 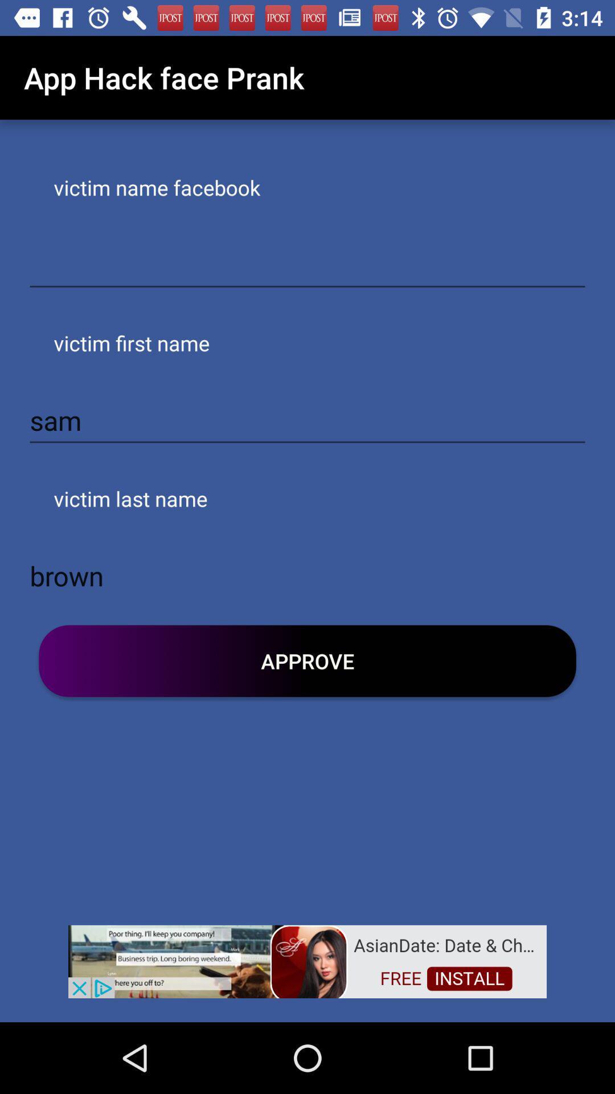 What do you see at coordinates (307, 960) in the screenshot?
I see `advertisement page` at bounding box center [307, 960].